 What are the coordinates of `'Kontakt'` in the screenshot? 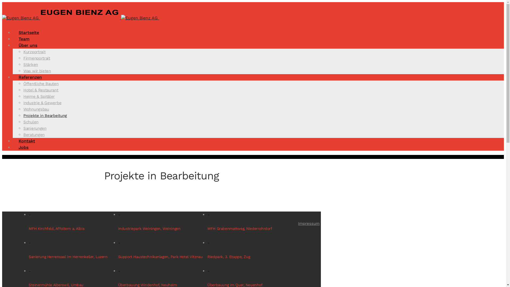 It's located at (26, 141).